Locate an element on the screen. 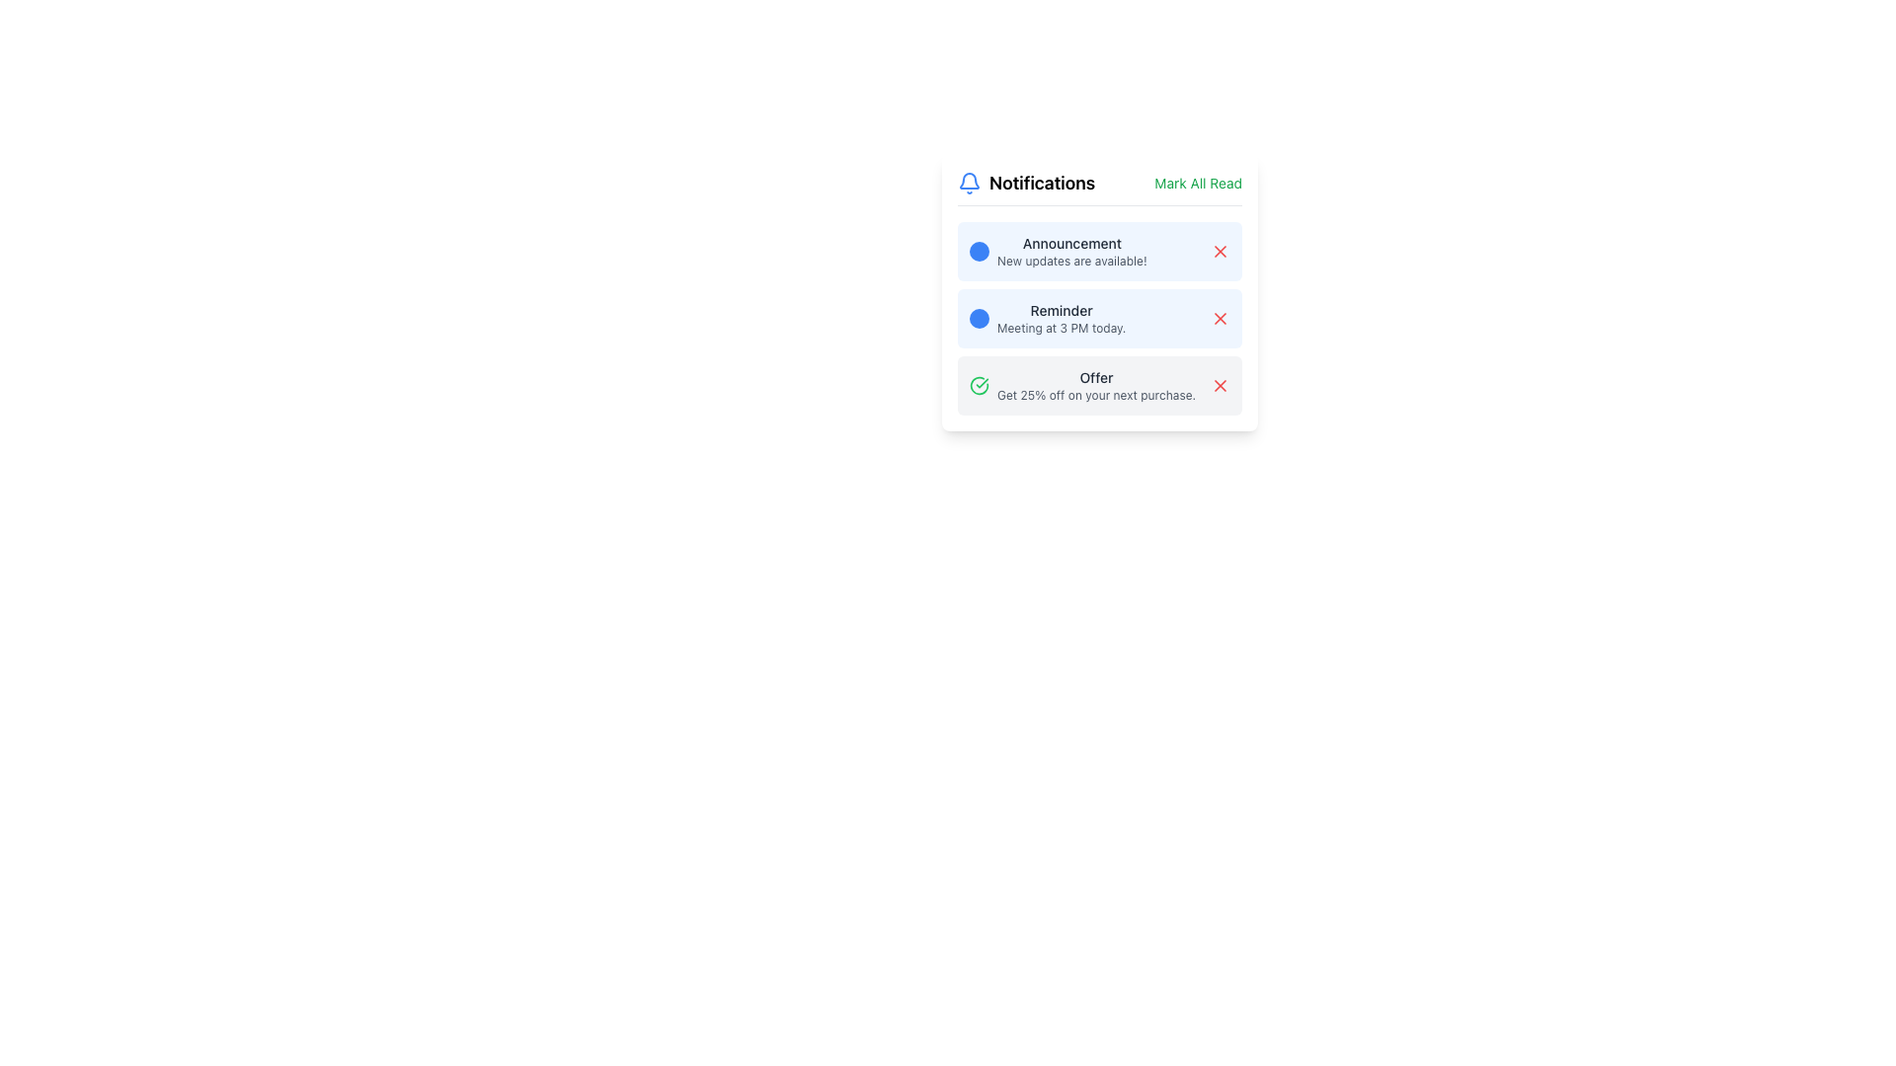 The width and height of the screenshot is (1896, 1066). the text label displaying 'Offer' in dark gray, positioned at the top-left corner of the notification area within the notification card is located at coordinates (1095, 377).